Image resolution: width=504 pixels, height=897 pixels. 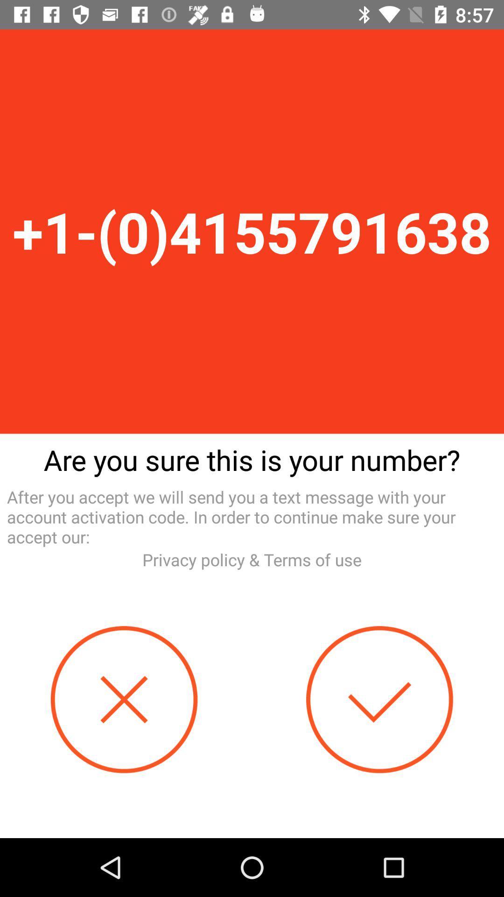 I want to click on confirm phone number, so click(x=379, y=699).